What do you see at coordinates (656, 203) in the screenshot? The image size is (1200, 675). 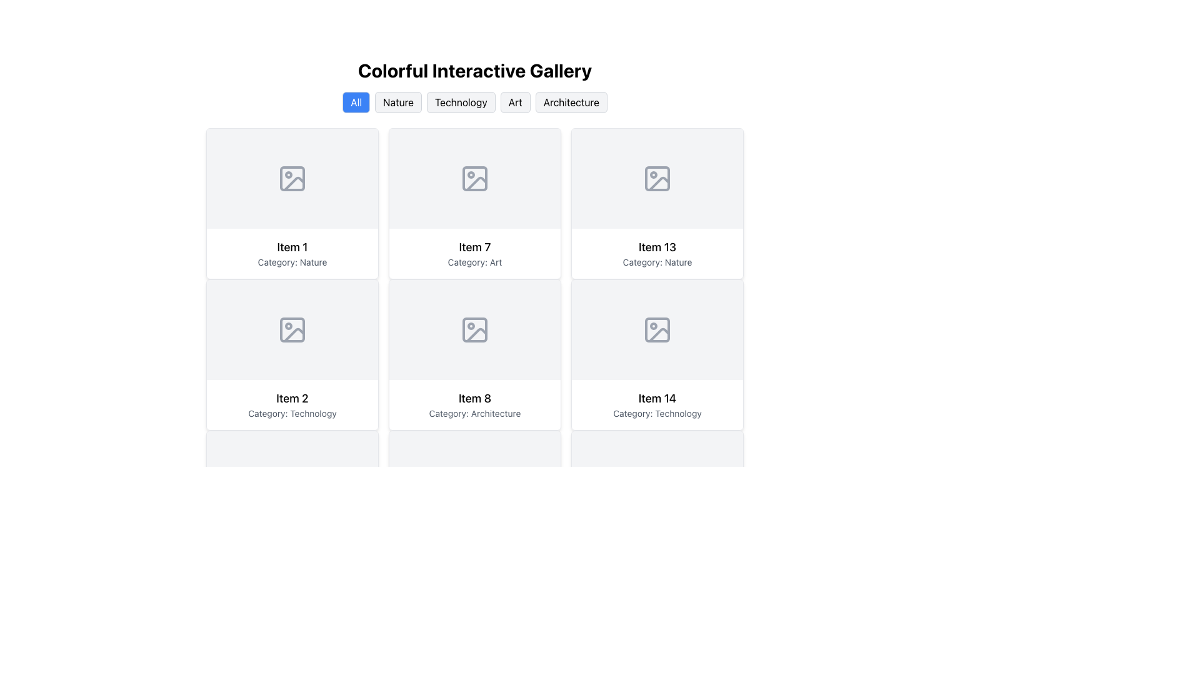 I see `the interactive overlay that appears on the panel labeled 'Item 13, Category: Nature' to trigger its visibility` at bounding box center [656, 203].